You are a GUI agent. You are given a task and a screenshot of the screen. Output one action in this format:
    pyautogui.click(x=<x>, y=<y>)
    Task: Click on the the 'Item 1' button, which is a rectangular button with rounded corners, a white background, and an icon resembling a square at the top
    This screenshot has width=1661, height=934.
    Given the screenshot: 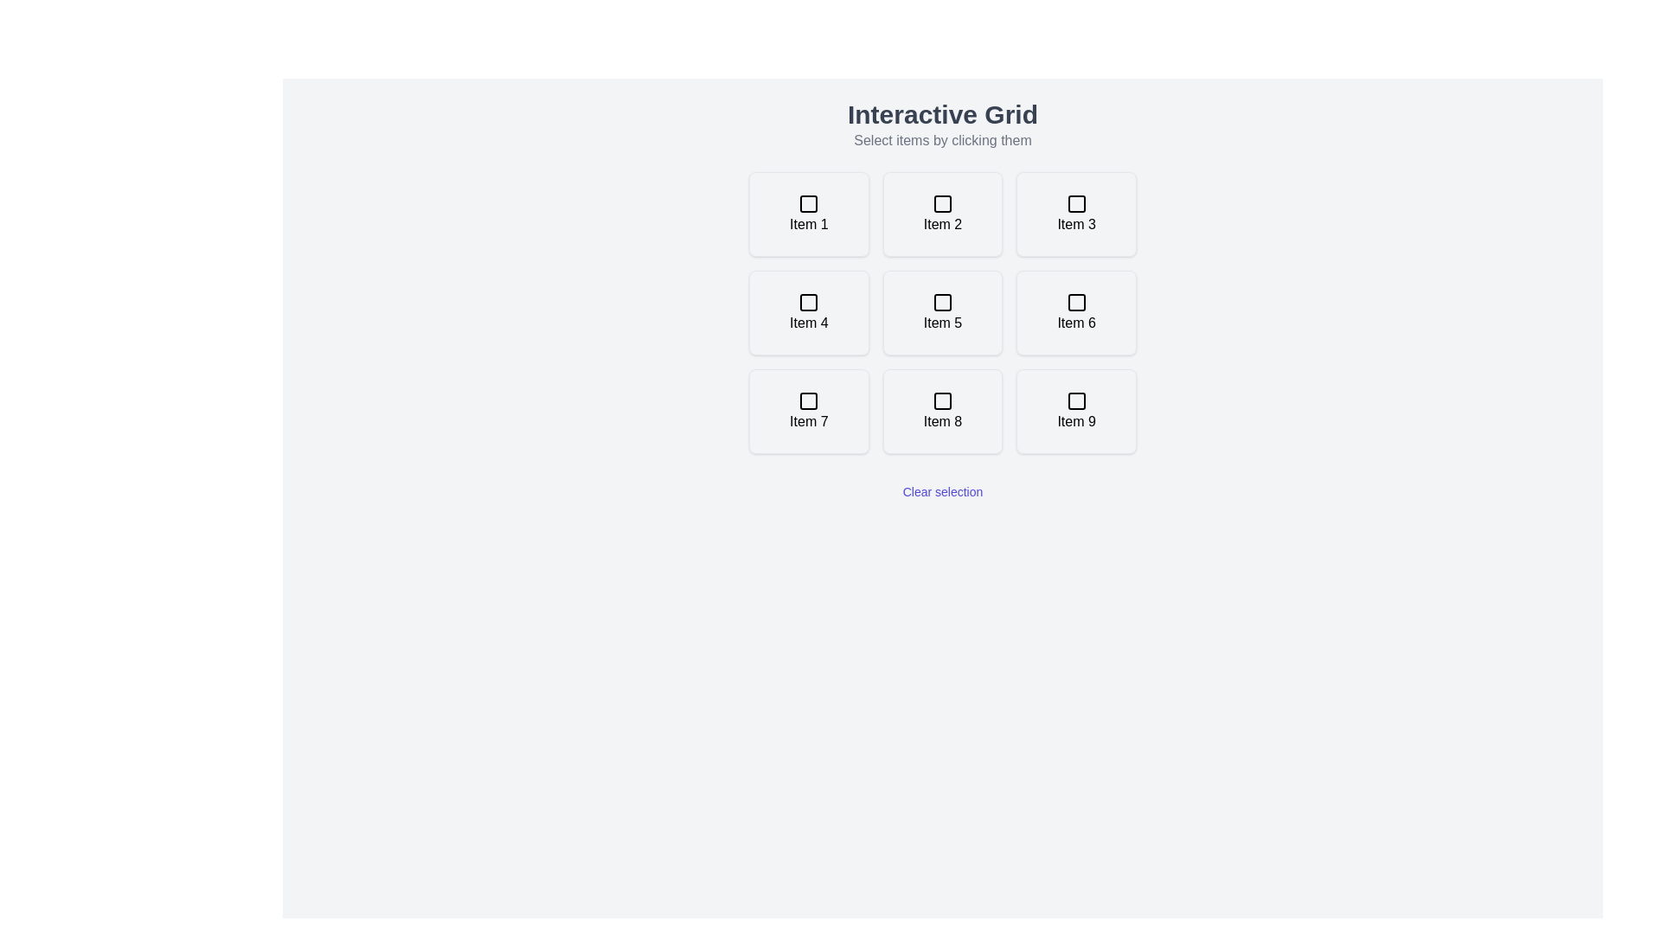 What is the action you would take?
    pyautogui.click(x=808, y=213)
    